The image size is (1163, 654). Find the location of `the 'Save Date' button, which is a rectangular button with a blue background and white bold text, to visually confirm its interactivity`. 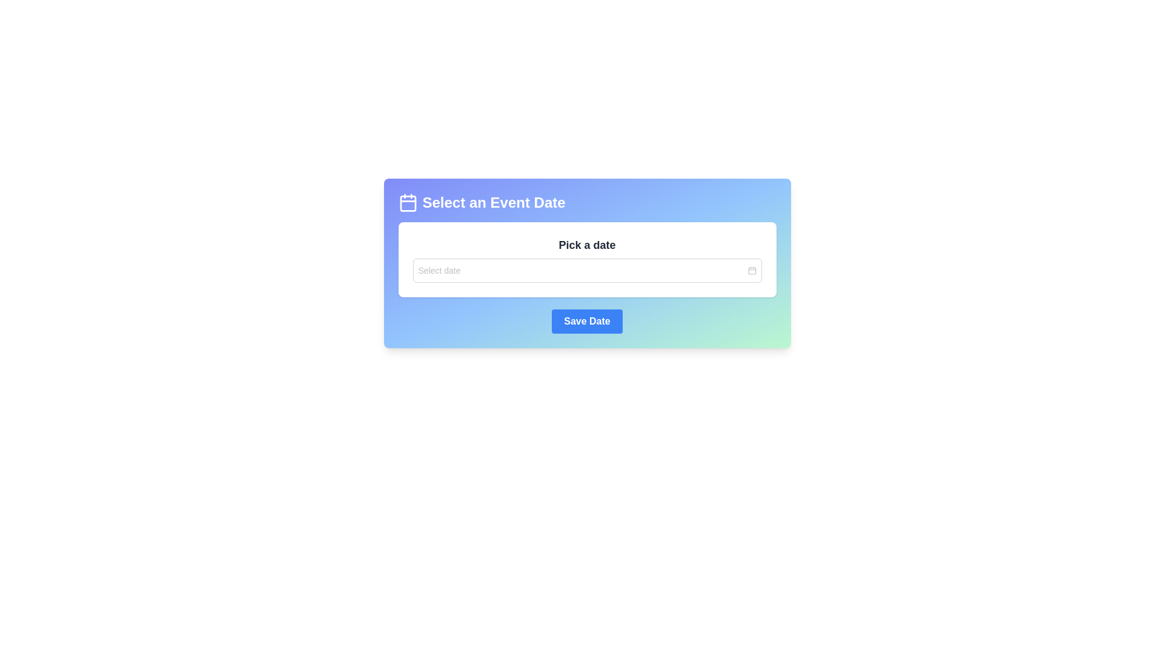

the 'Save Date' button, which is a rectangular button with a blue background and white bold text, to visually confirm its interactivity is located at coordinates (587, 321).